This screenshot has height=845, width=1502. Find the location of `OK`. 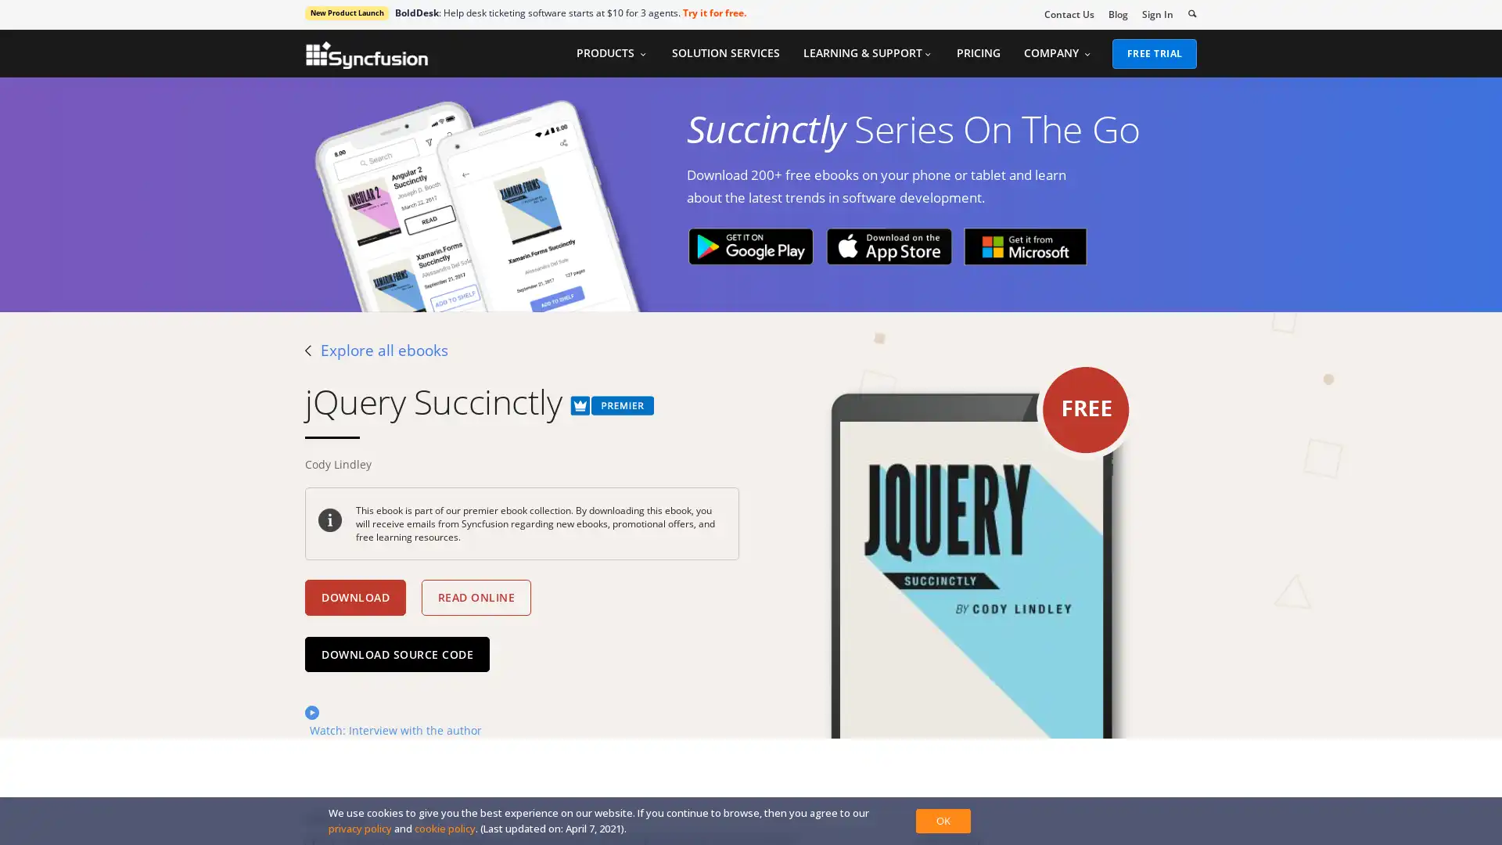

OK is located at coordinates (942, 820).